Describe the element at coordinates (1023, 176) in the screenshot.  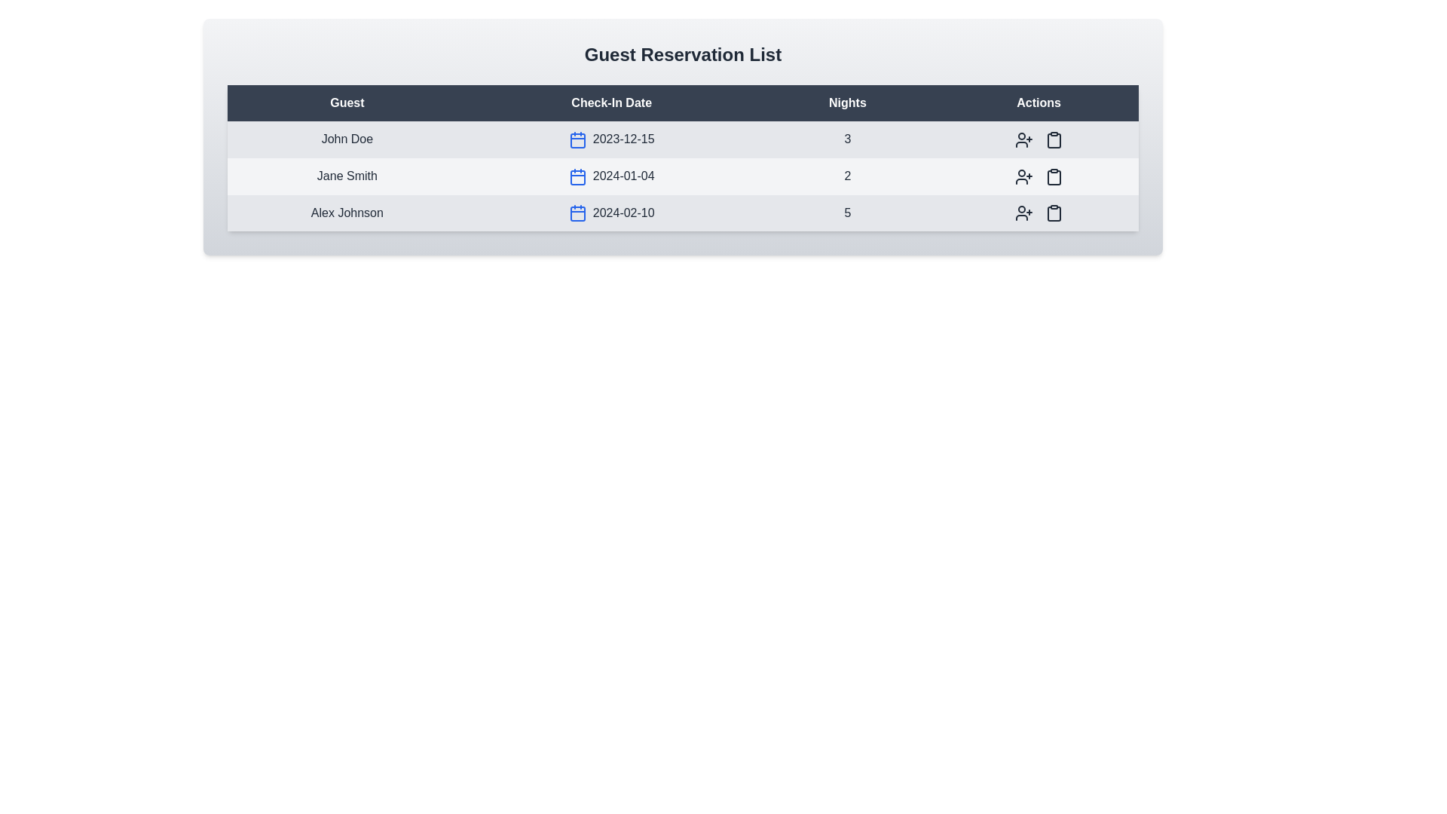
I see `the user icon with a '+' symbol in the 'Actions' column of the second row of the guest reservation table` at that location.